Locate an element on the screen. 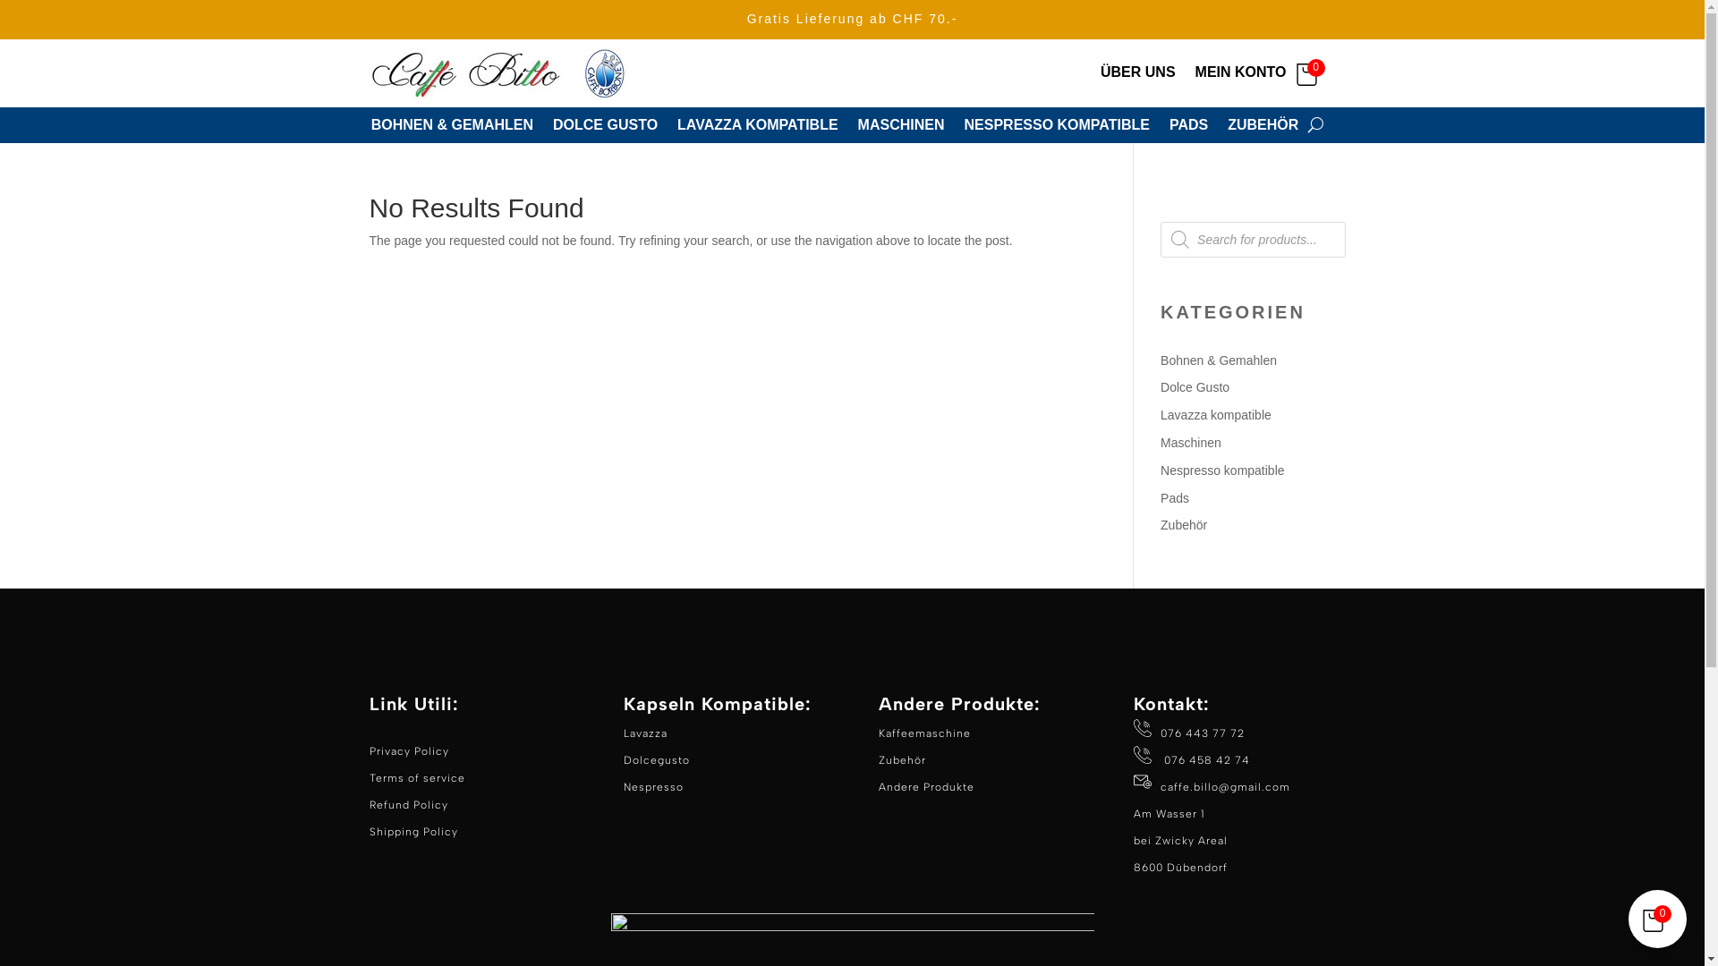 This screenshot has width=1718, height=966. '076 458 42 74' is located at coordinates (1160, 759).